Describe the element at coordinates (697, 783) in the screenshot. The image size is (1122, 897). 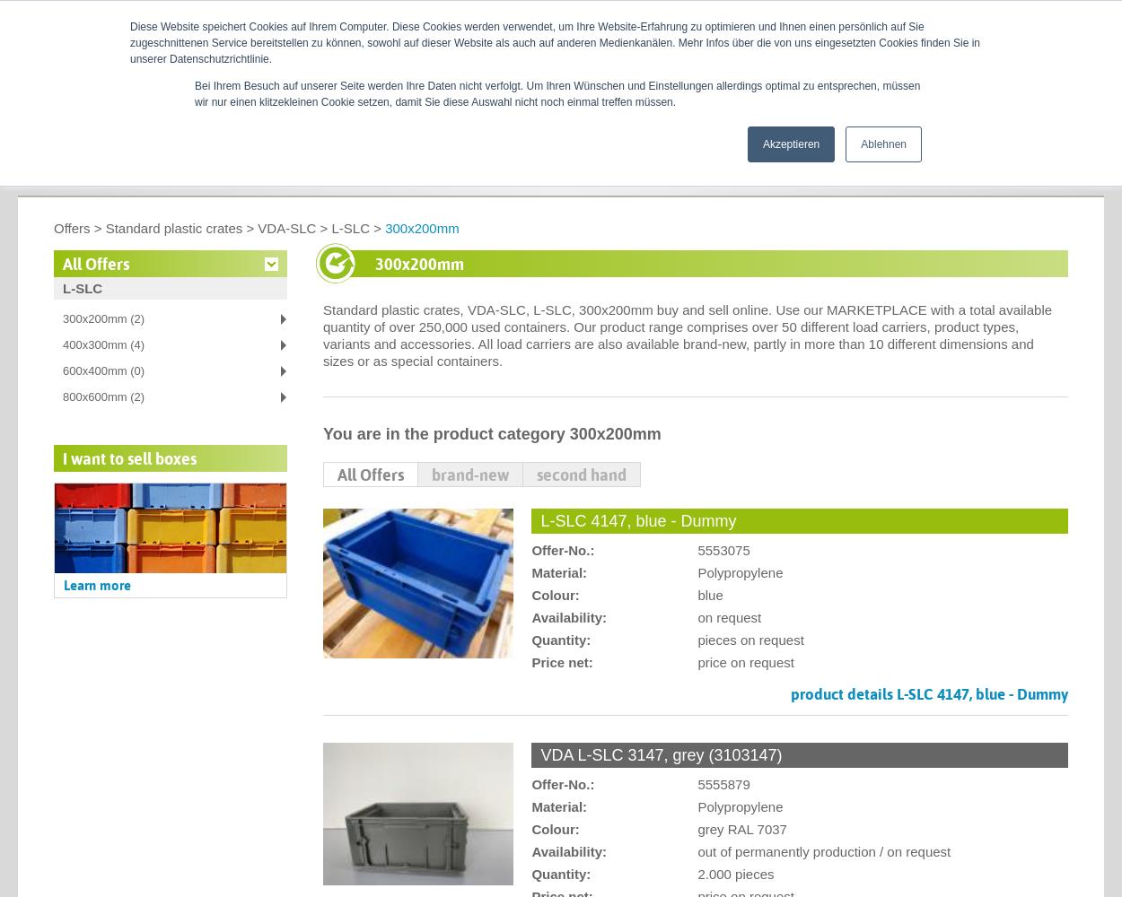
I see `'5555879'` at that location.